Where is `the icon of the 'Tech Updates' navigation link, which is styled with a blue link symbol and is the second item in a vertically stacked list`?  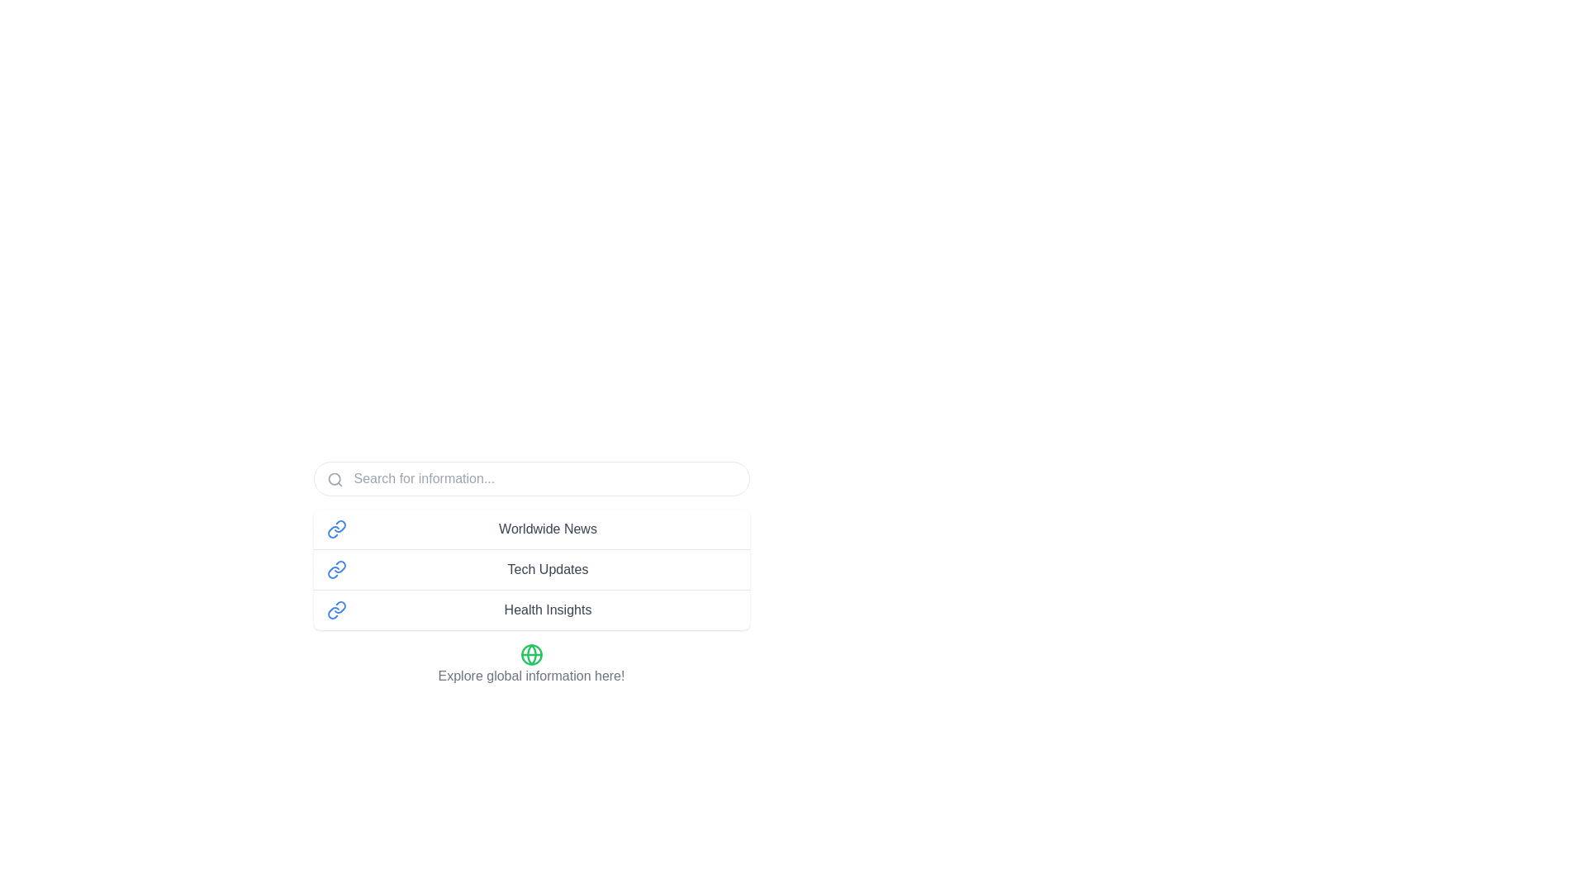
the icon of the 'Tech Updates' navigation link, which is styled with a blue link symbol and is the second item in a vertically stacked list is located at coordinates (531, 568).